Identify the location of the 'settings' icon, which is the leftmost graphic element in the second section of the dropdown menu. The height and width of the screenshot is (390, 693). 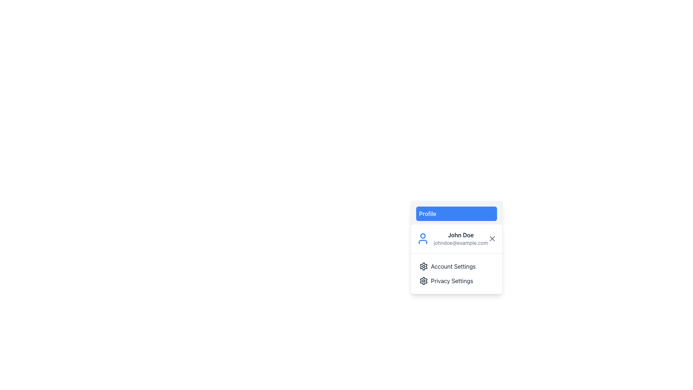
(424, 281).